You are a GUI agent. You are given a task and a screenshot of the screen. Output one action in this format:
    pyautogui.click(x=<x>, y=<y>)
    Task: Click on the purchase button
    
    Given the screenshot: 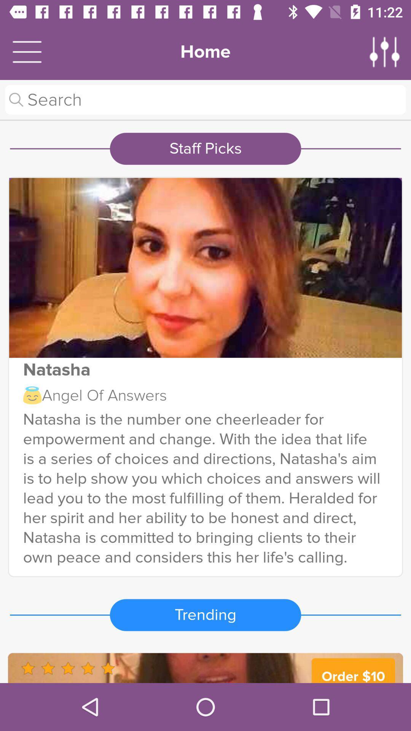 What is the action you would take?
    pyautogui.click(x=205, y=667)
    